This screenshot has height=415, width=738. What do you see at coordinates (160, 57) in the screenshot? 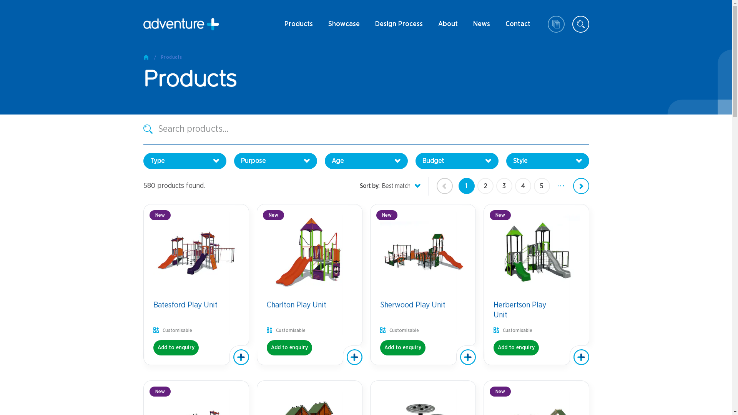
I see `'Products'` at bounding box center [160, 57].